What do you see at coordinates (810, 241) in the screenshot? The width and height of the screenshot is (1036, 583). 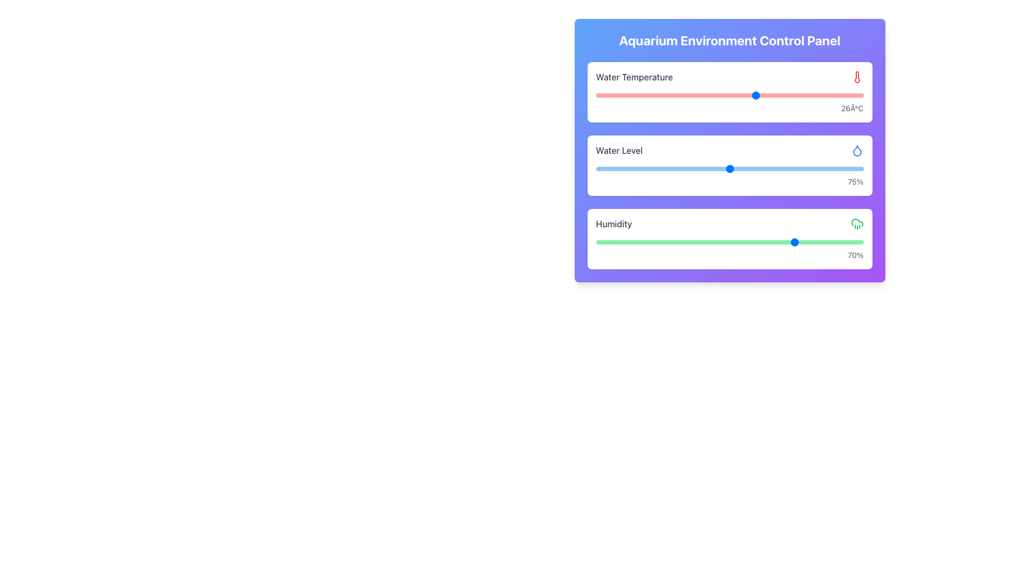 I see `humidity` at bounding box center [810, 241].